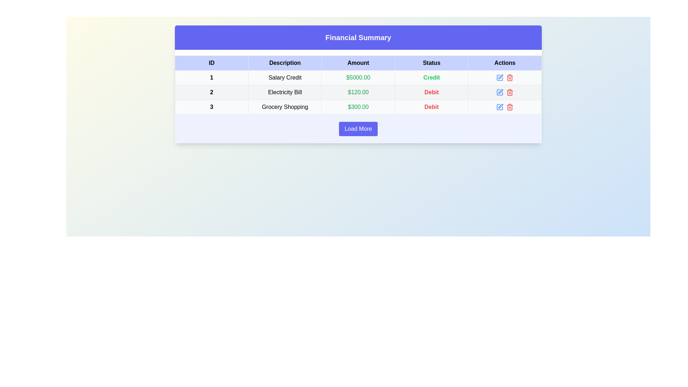 Image resolution: width=688 pixels, height=387 pixels. Describe the element at coordinates (358, 107) in the screenshot. I see `the third row of the table that displays financial transaction details including ID, description, amount, and status` at that location.